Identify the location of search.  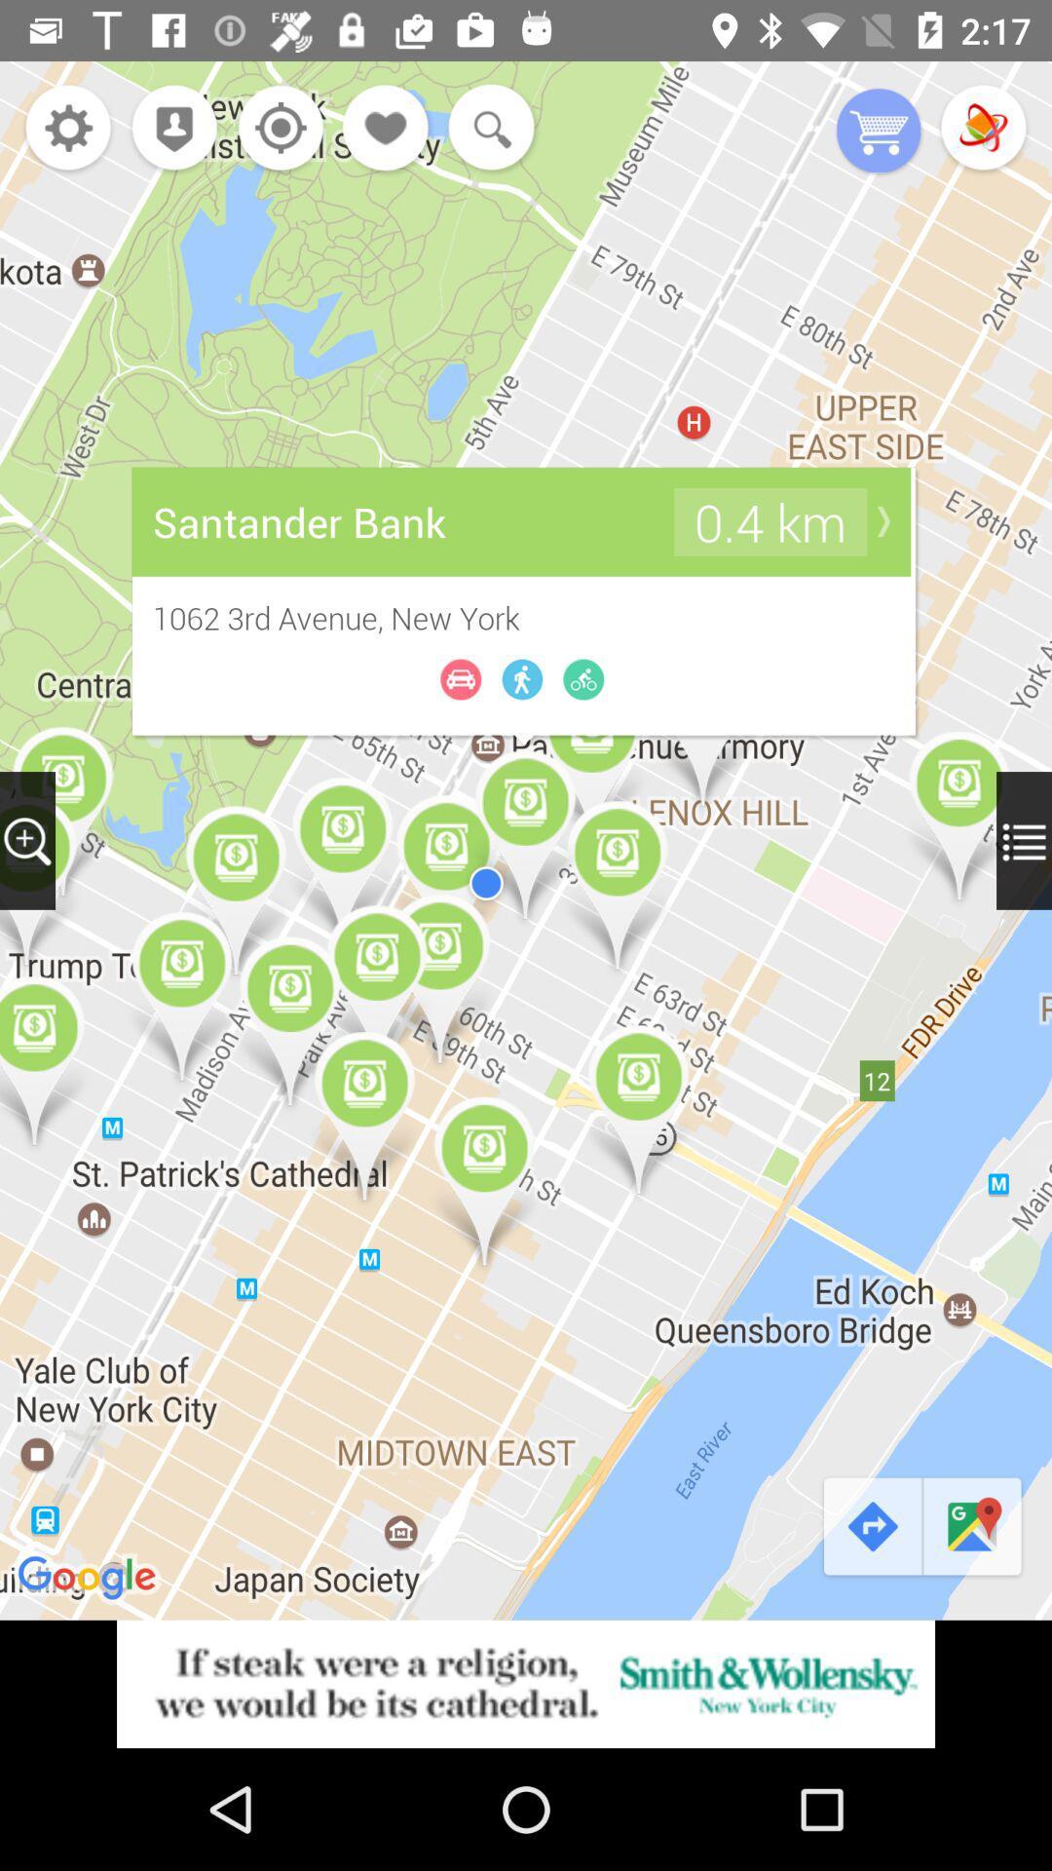
(486, 129).